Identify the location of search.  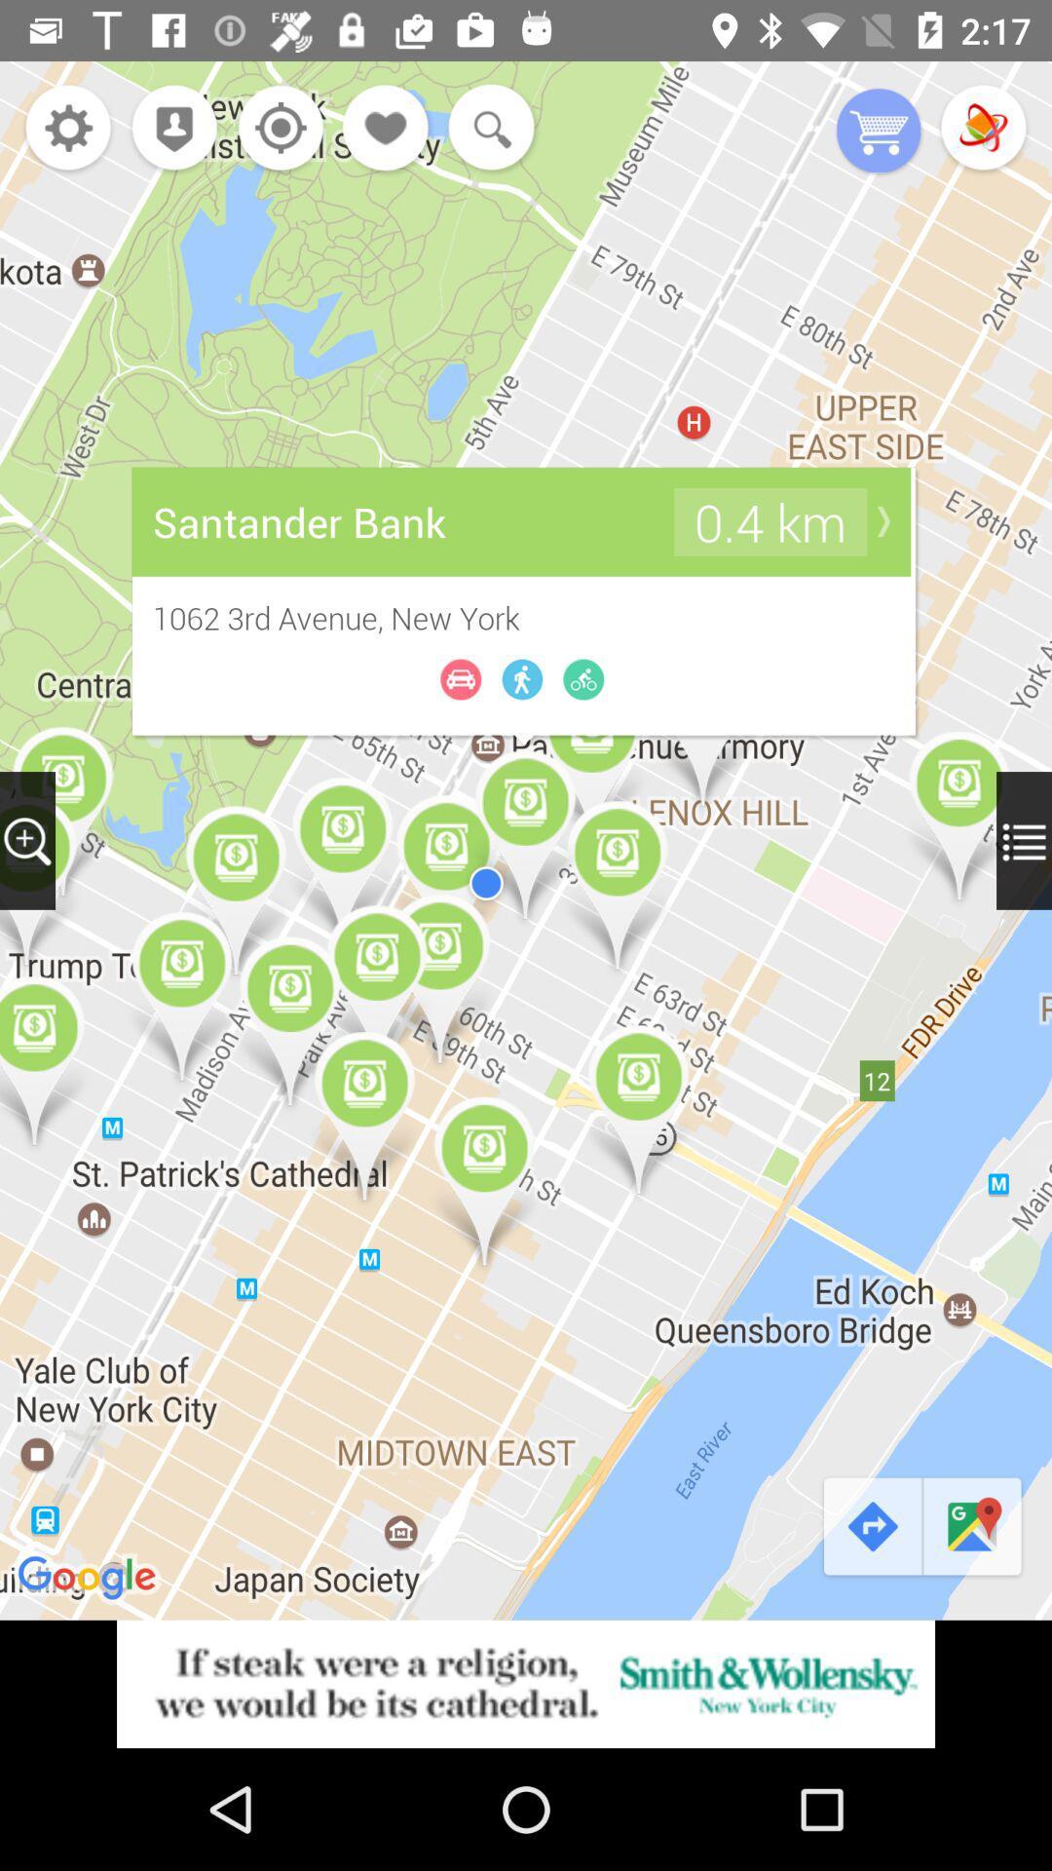
(486, 129).